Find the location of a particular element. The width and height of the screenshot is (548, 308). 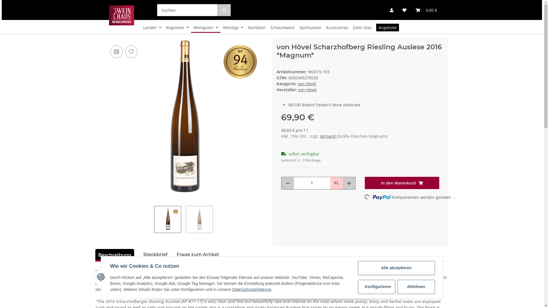

'Regionen' is located at coordinates (164, 27).